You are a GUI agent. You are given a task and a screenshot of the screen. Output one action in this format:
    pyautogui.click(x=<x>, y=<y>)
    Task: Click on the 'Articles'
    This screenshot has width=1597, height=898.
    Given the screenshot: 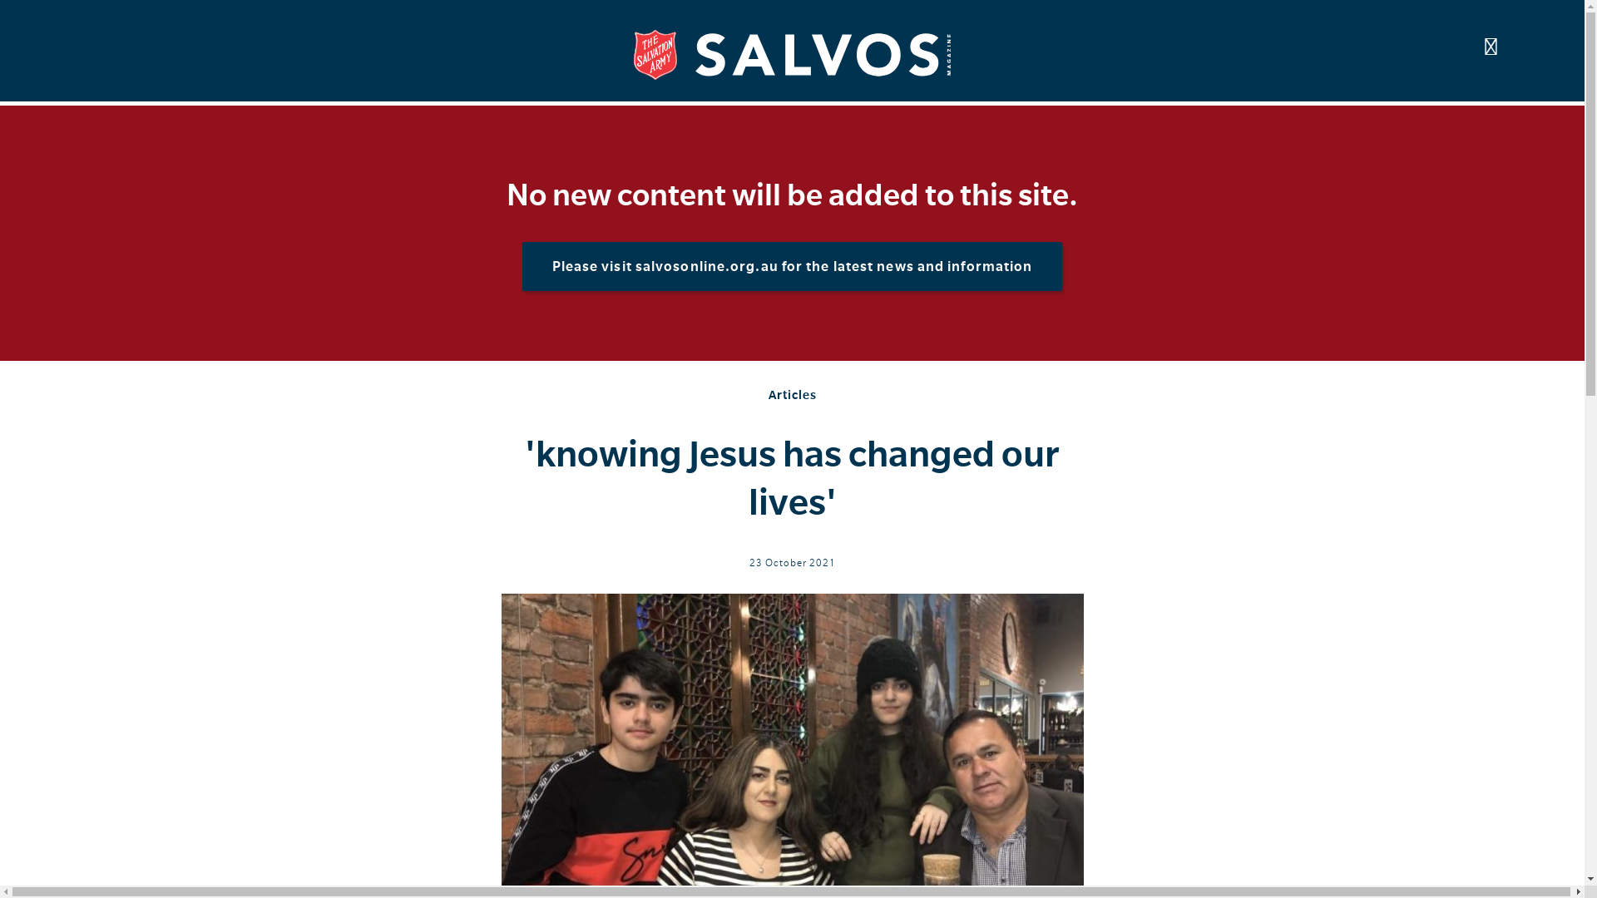 What is the action you would take?
    pyautogui.click(x=768, y=394)
    